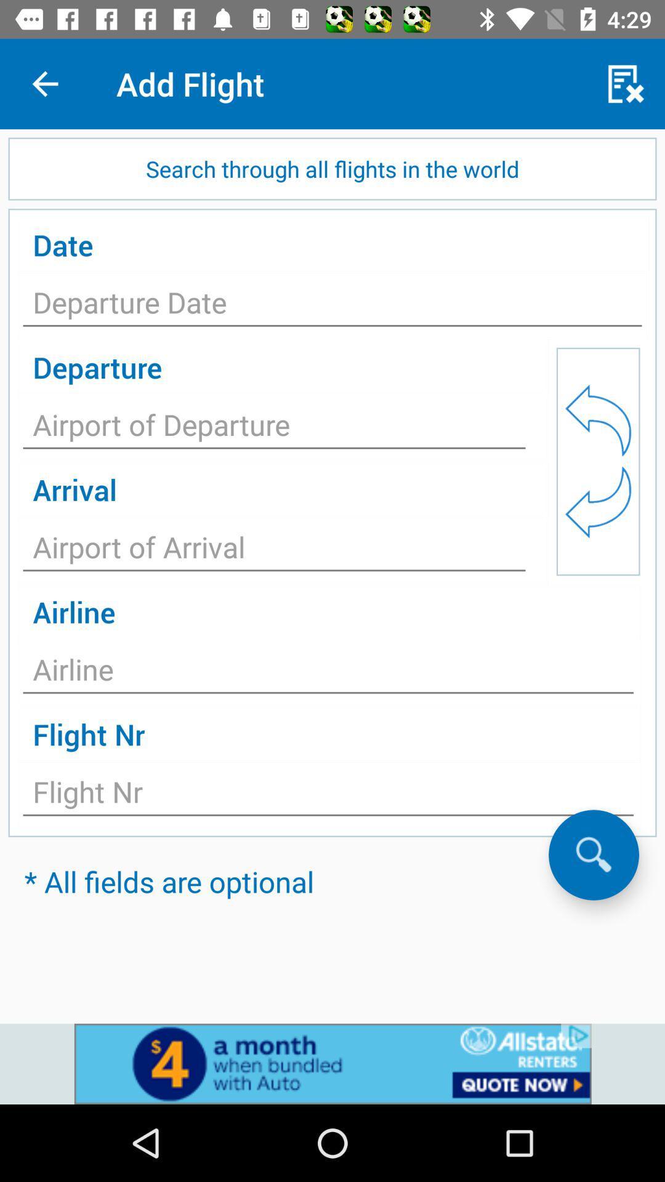 The width and height of the screenshot is (665, 1182). Describe the element at coordinates (332, 306) in the screenshot. I see `text` at that location.